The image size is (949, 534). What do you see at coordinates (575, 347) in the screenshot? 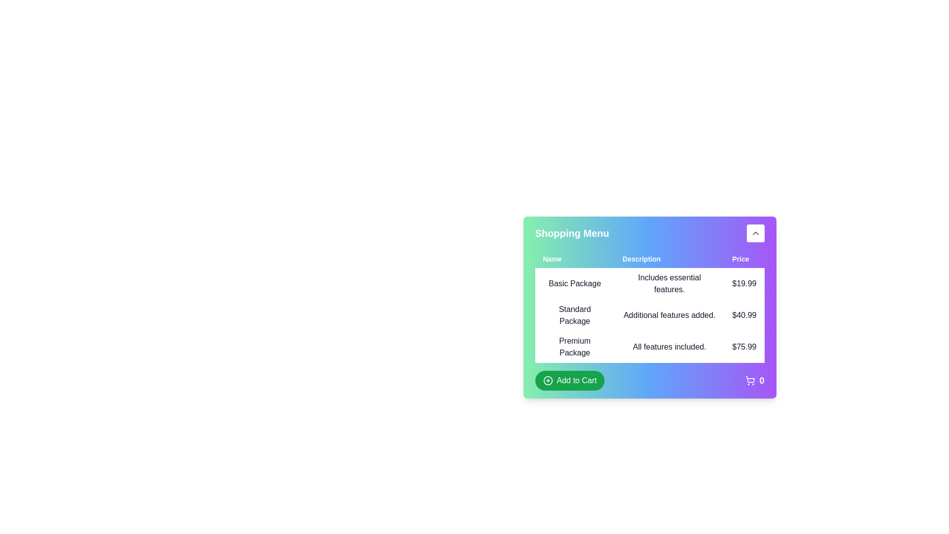
I see `the 'Premium Package' text label under the 'Name' header in the table` at bounding box center [575, 347].